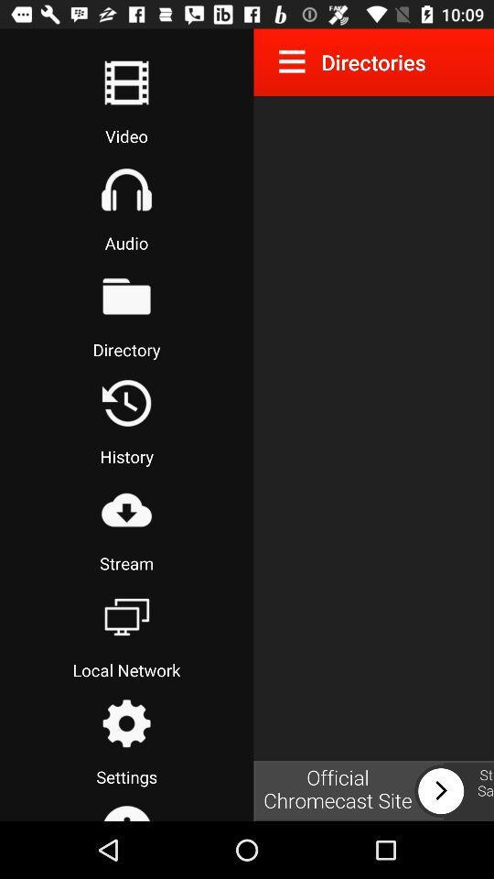 This screenshot has height=879, width=494. What do you see at coordinates (125, 403) in the screenshot?
I see `the history icon` at bounding box center [125, 403].